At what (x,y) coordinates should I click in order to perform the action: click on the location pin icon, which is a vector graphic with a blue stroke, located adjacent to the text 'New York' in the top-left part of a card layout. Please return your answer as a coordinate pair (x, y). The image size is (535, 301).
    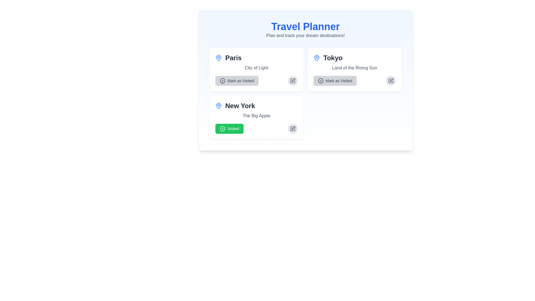
    Looking at the image, I should click on (218, 58).